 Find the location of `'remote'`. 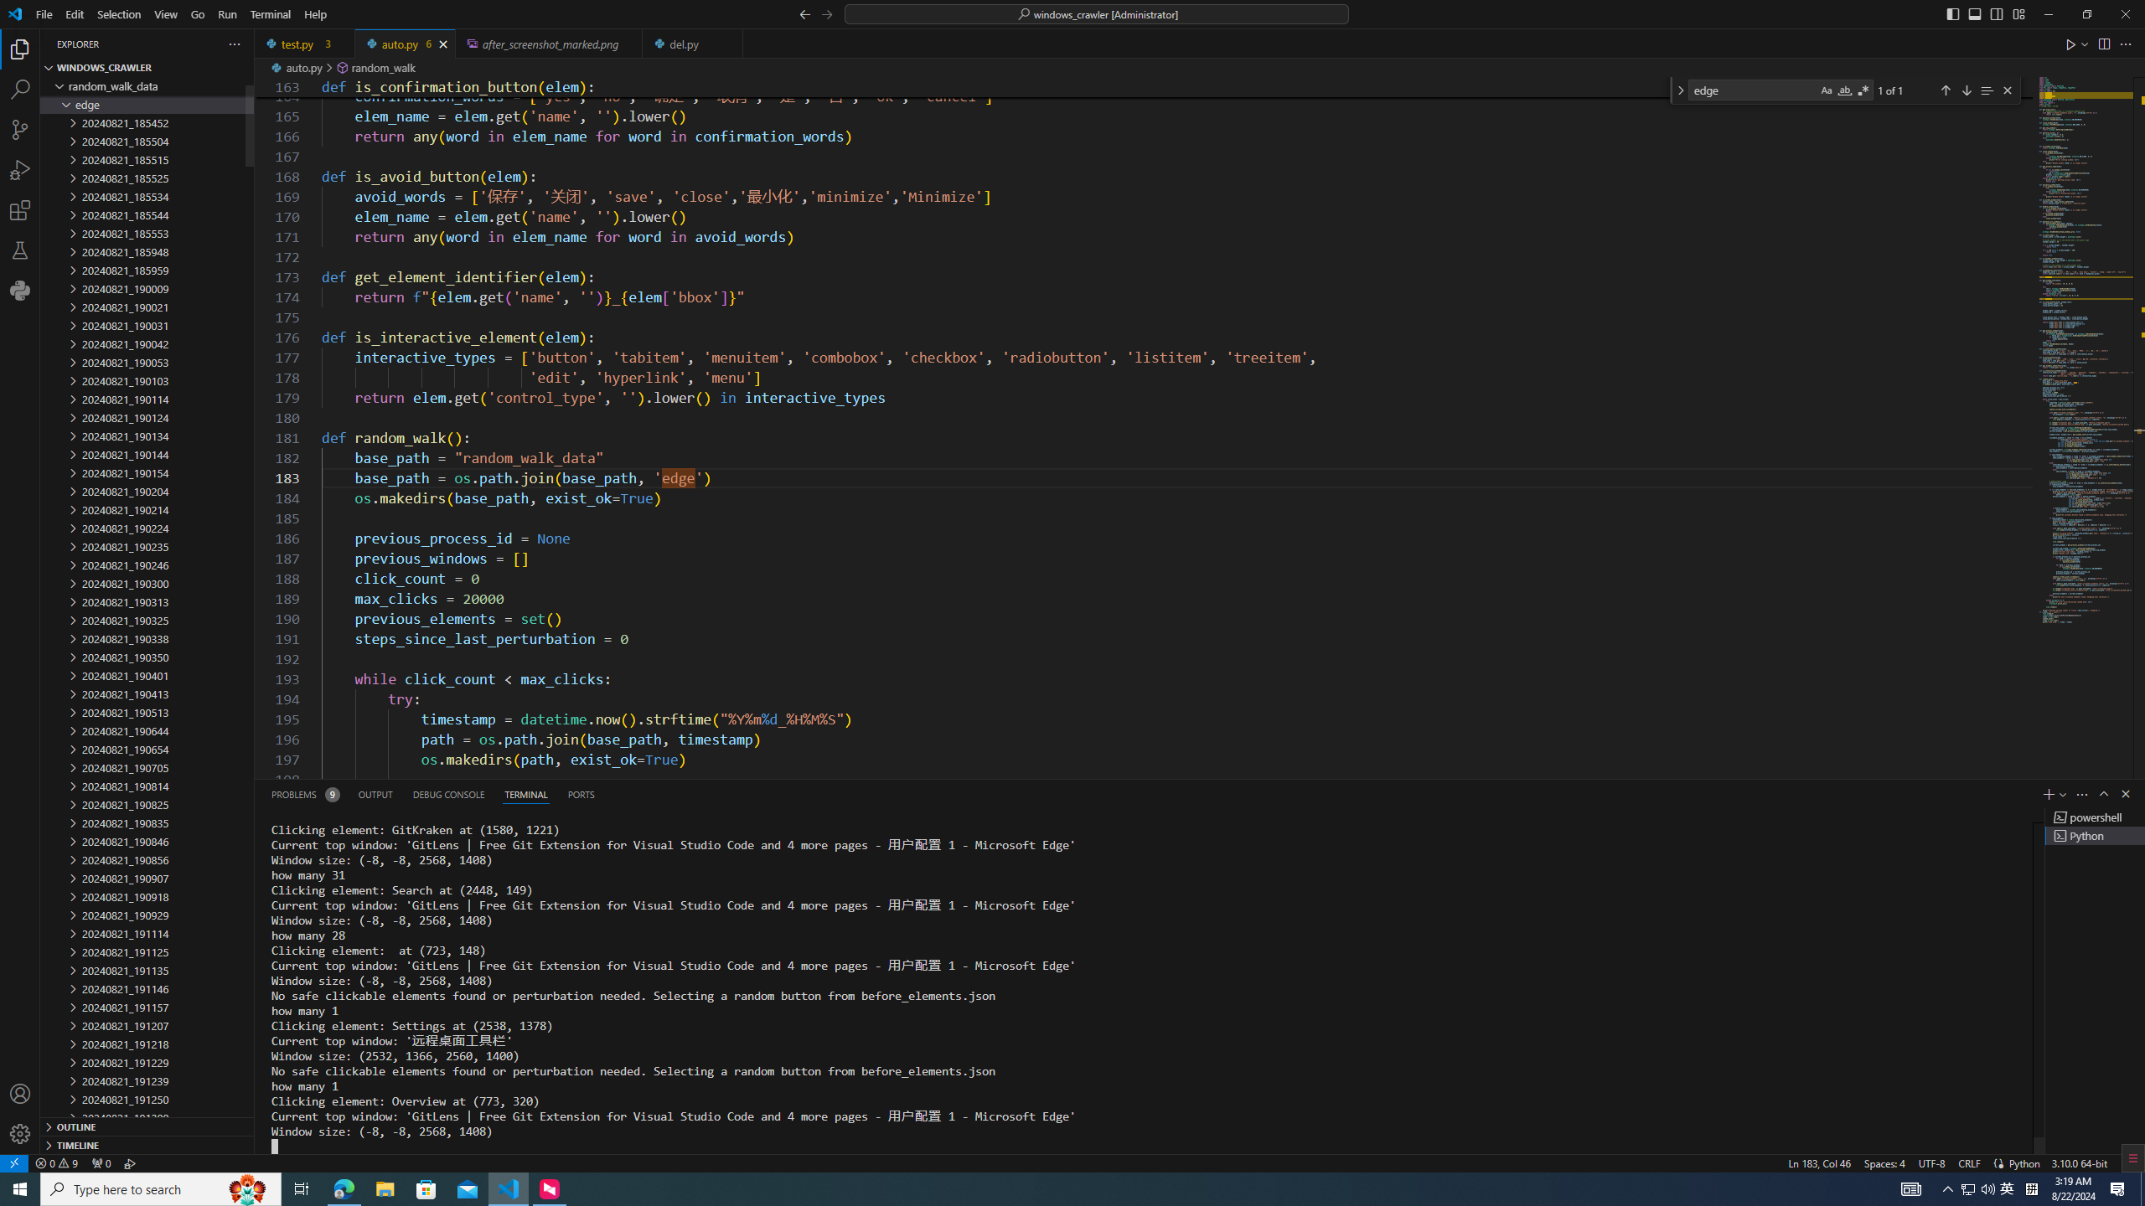

'remote' is located at coordinates (13, 1162).